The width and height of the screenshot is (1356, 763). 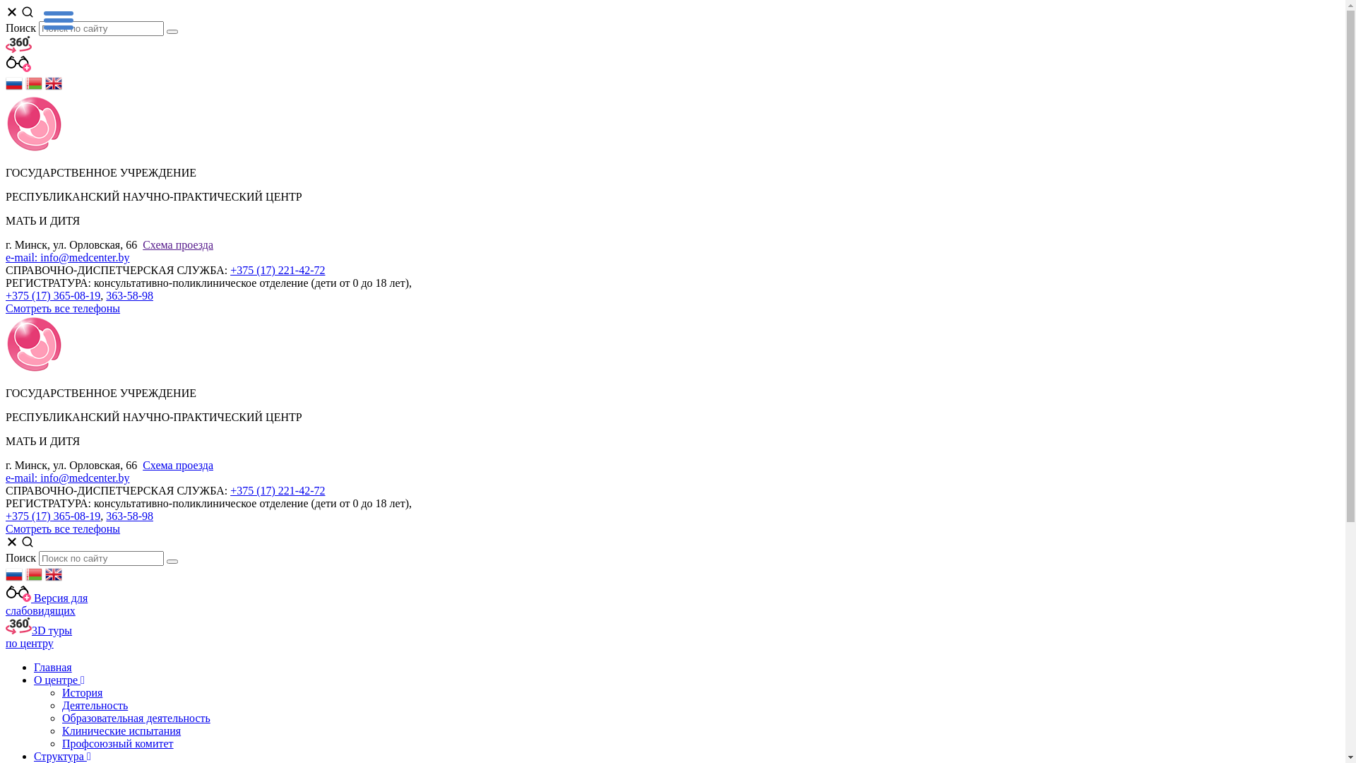 I want to click on '+375 (17) 365-08-19', so click(x=53, y=295).